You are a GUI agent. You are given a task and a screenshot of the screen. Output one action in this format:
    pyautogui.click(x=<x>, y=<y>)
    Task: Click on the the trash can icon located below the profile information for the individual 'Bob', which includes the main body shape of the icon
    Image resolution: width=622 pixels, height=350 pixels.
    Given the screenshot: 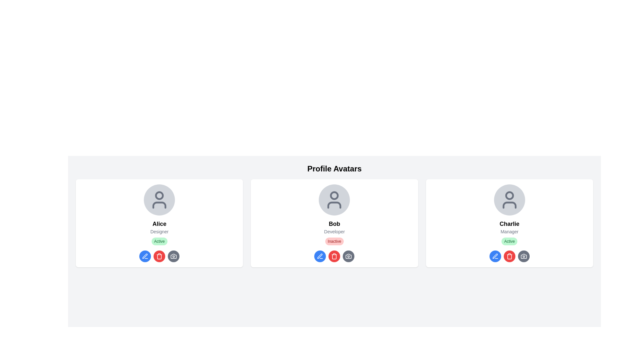 What is the action you would take?
    pyautogui.click(x=334, y=256)
    